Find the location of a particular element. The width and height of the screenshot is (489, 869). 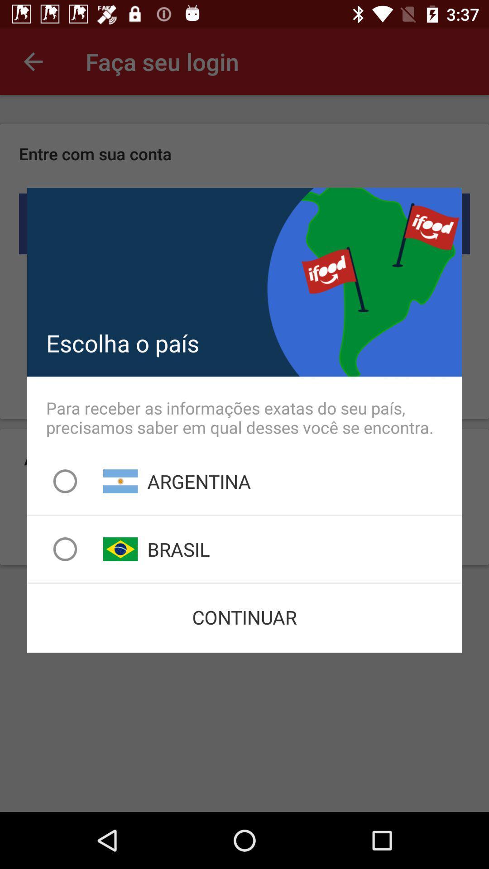

continuar is located at coordinates (244, 616).